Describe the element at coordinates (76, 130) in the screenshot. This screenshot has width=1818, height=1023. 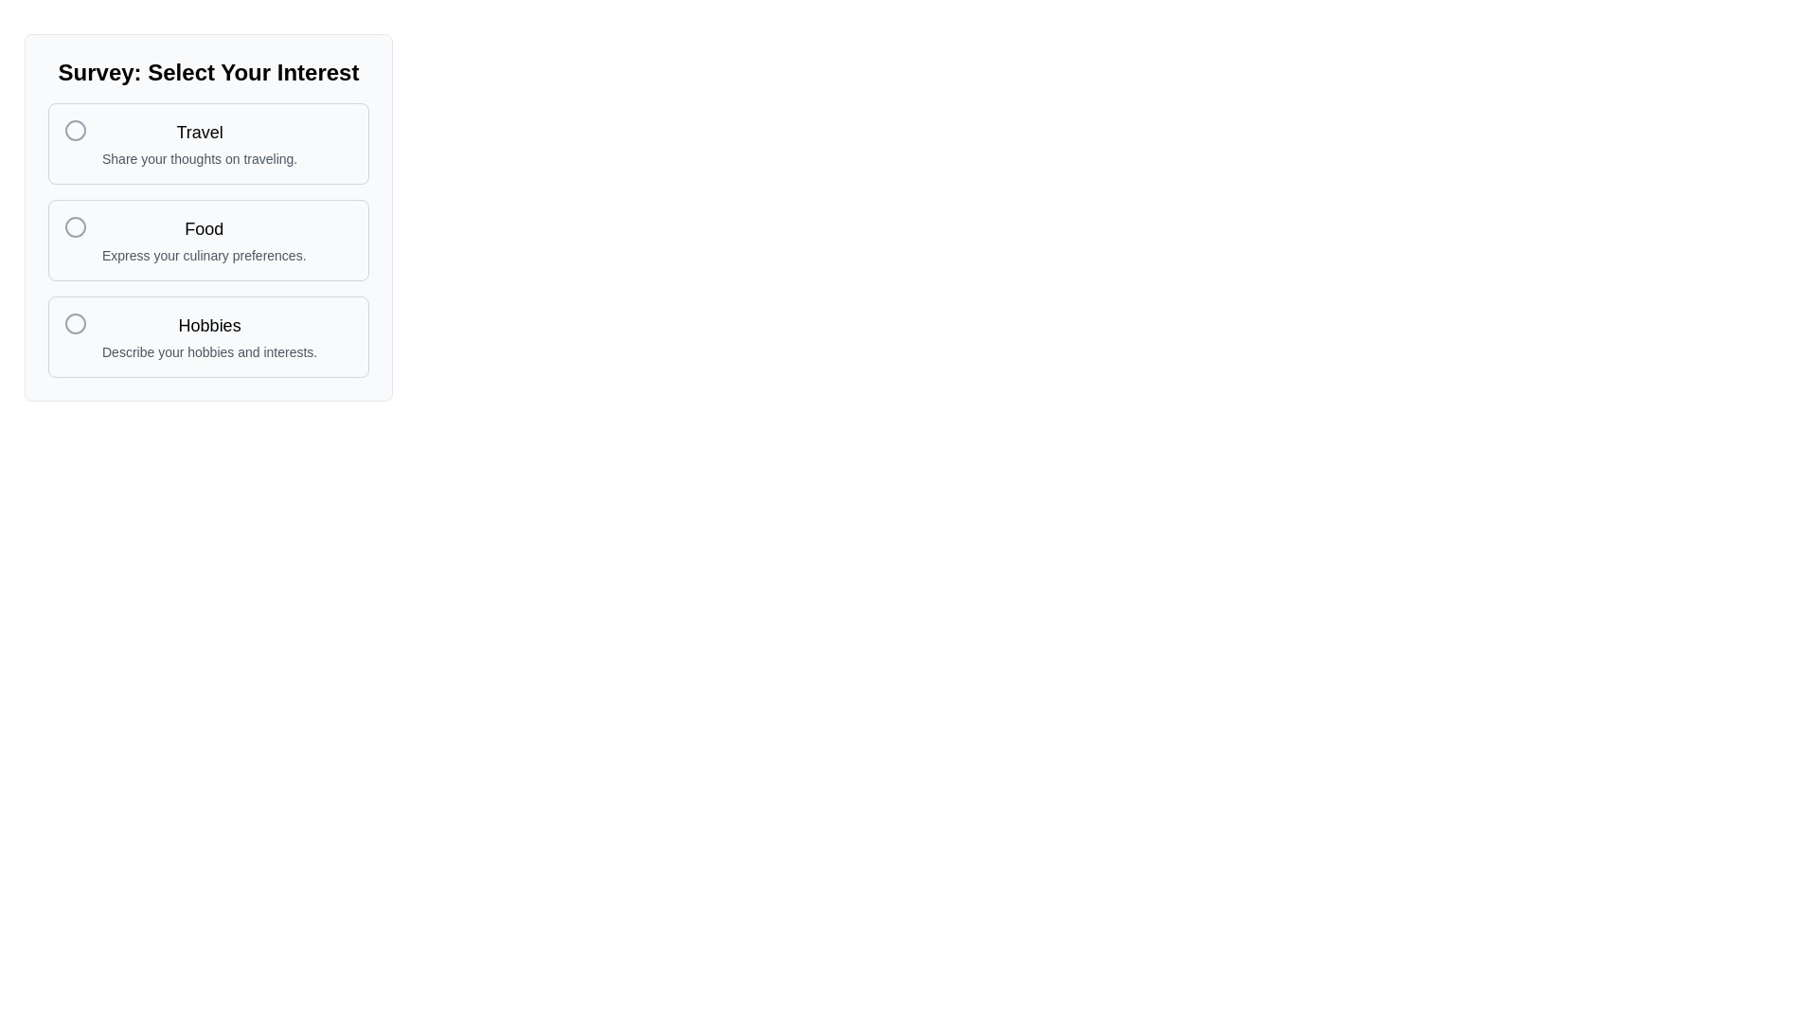
I see `the radio button for the 'Travel' option located in the topmost selection box under the heading 'Survey: Select Your Interest'` at that location.